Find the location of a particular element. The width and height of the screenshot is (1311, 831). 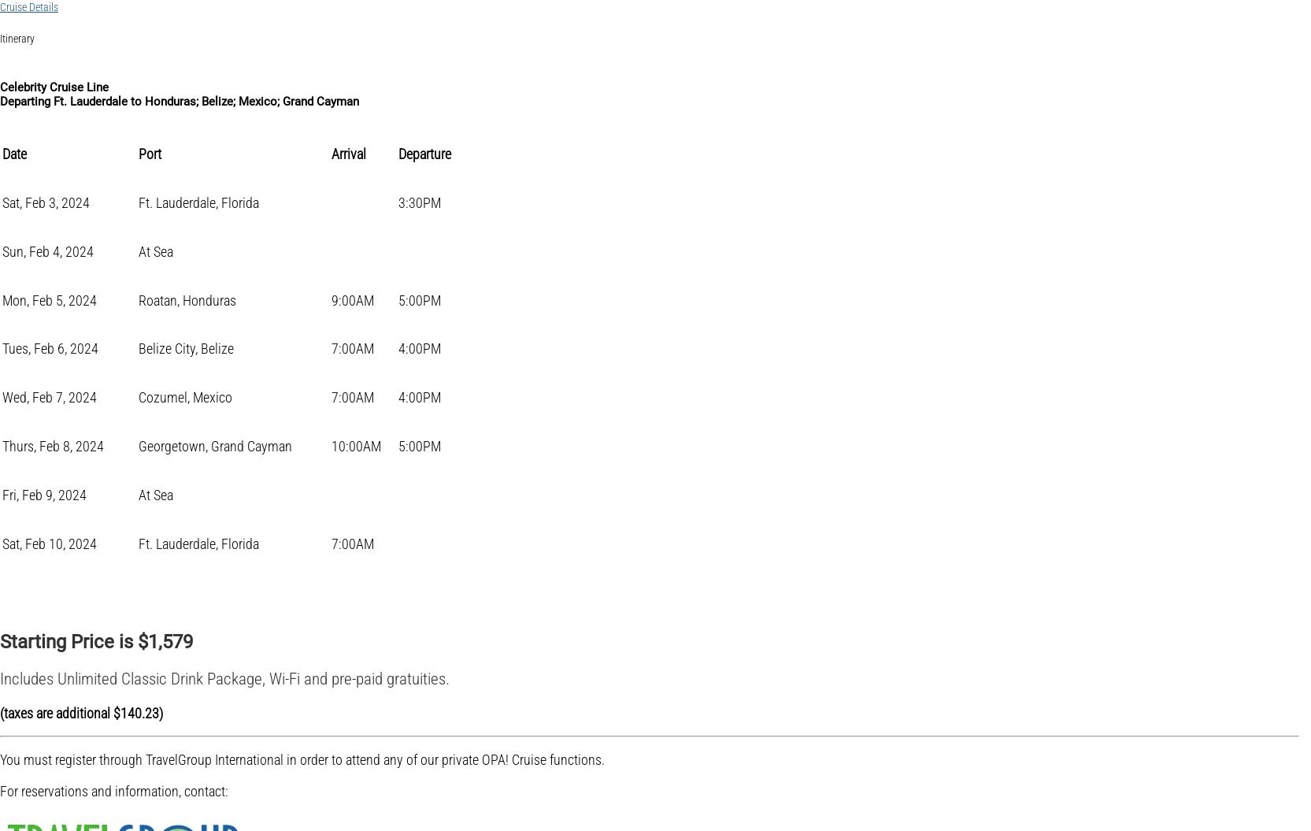

'Departing Ft. Lauderdale to Honduras; Belize; Mexico; Grand Cayman' is located at coordinates (179, 102).